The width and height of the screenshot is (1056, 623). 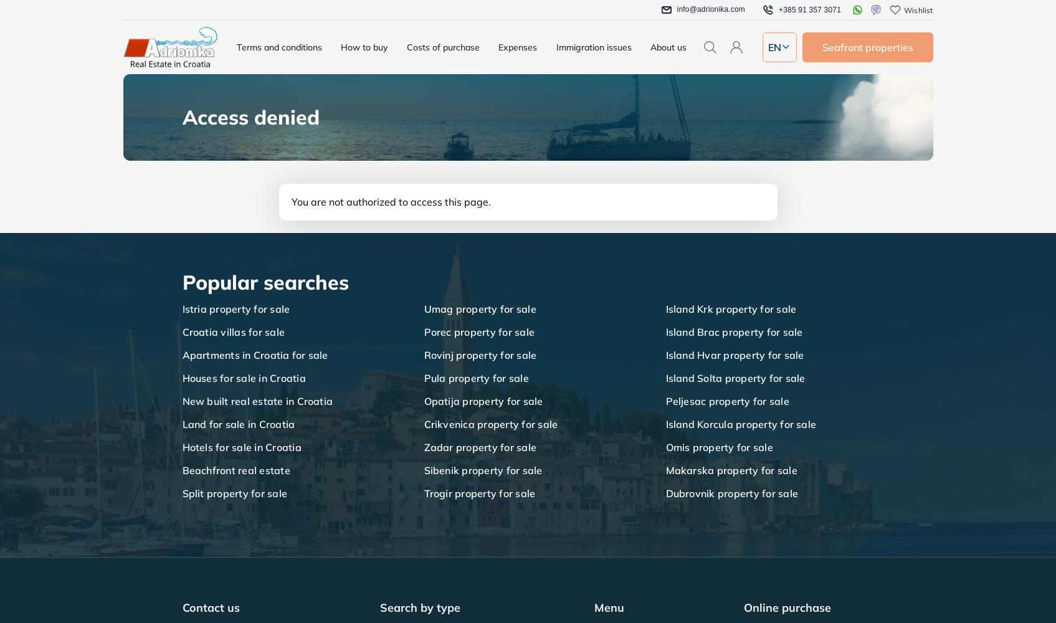 I want to click on 'Houses for sale in Croatia', so click(x=243, y=378).